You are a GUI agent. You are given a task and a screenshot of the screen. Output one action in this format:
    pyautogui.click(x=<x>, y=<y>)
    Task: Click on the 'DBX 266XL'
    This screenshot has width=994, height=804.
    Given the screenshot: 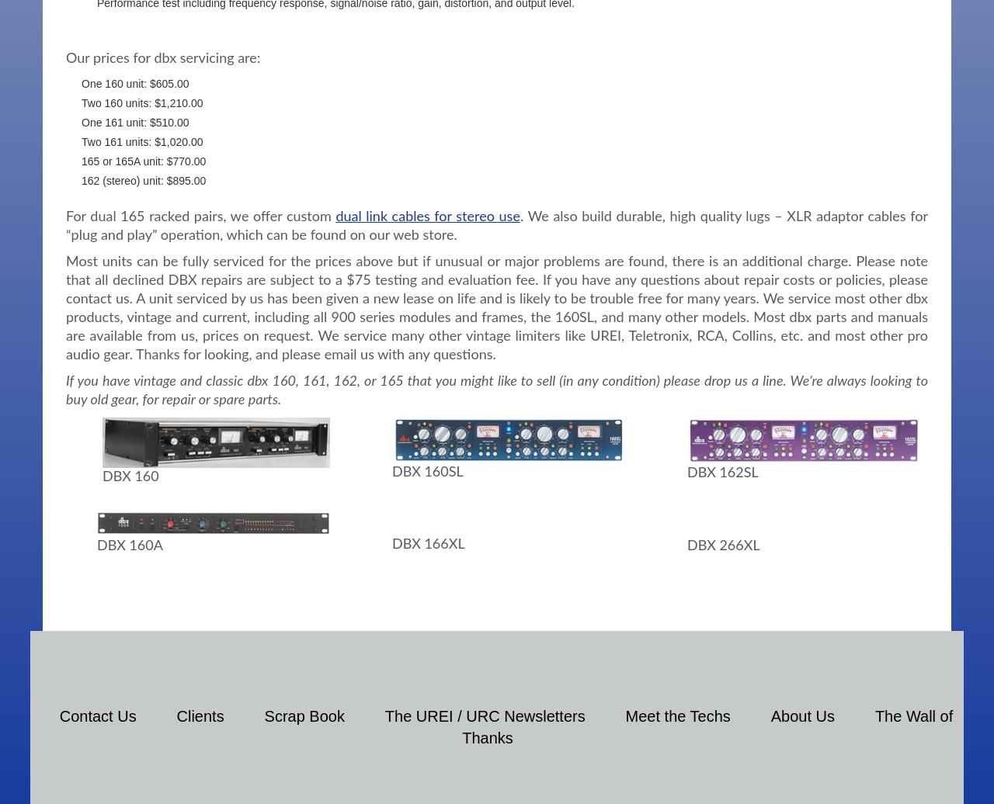 What is the action you would take?
    pyautogui.click(x=722, y=546)
    